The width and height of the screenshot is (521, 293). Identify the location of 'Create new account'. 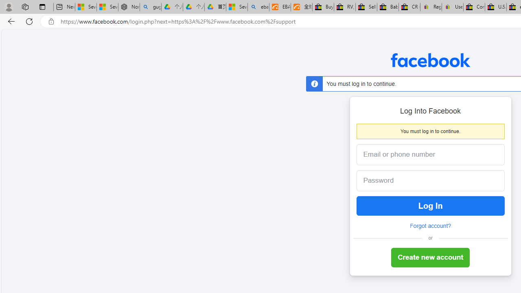
(430, 258).